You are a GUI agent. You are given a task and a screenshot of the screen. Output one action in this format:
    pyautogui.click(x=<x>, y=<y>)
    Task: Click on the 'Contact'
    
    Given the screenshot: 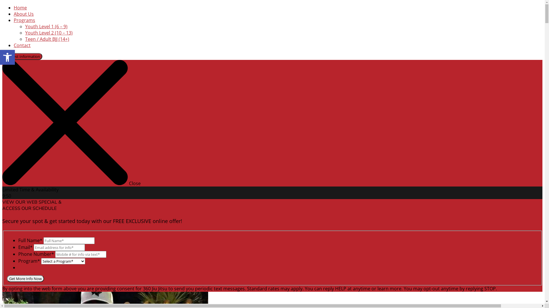 What is the action you would take?
    pyautogui.click(x=14, y=45)
    